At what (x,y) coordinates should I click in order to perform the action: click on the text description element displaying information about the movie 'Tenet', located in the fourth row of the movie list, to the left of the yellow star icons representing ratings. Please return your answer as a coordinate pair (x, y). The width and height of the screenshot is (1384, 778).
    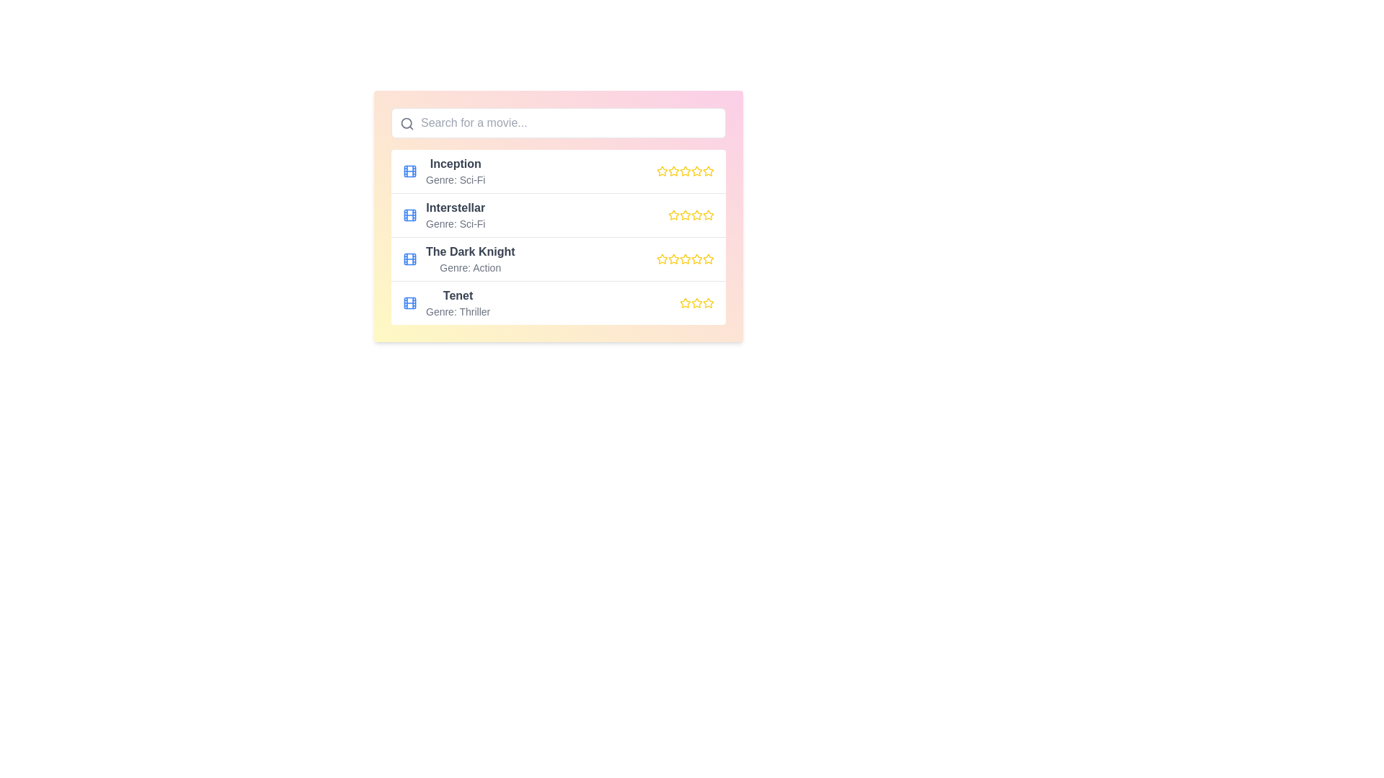
    Looking at the image, I should click on (445, 302).